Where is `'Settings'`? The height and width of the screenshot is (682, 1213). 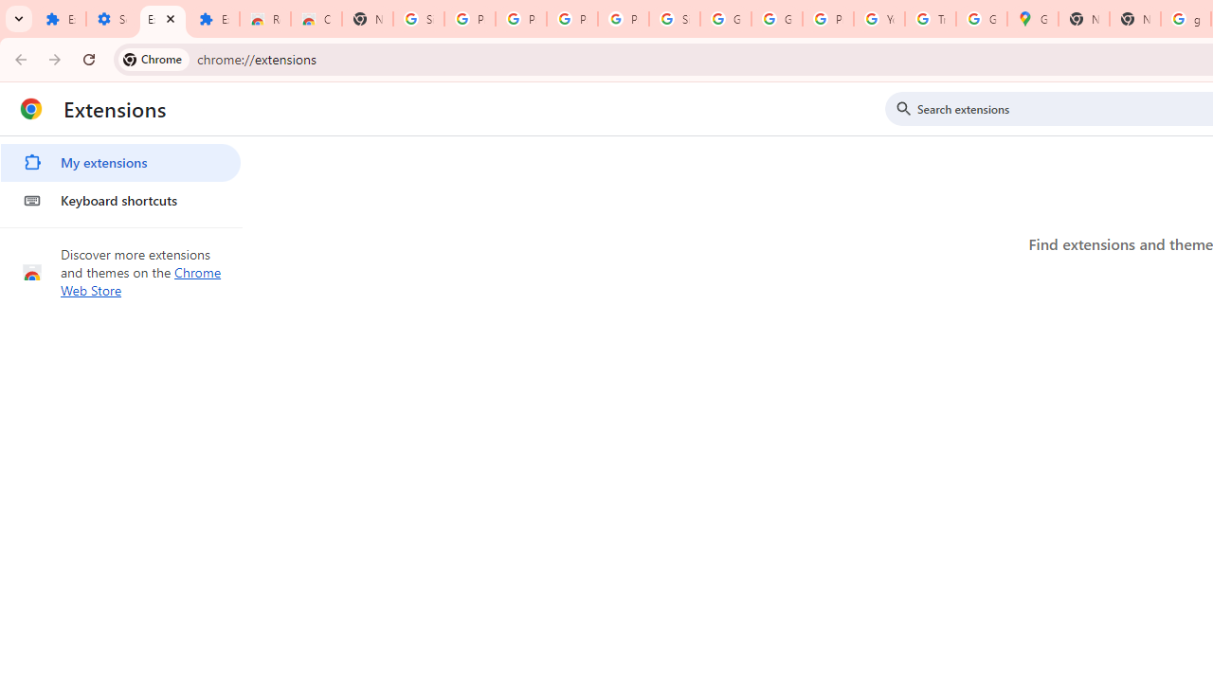
'Settings' is located at coordinates (110, 19).